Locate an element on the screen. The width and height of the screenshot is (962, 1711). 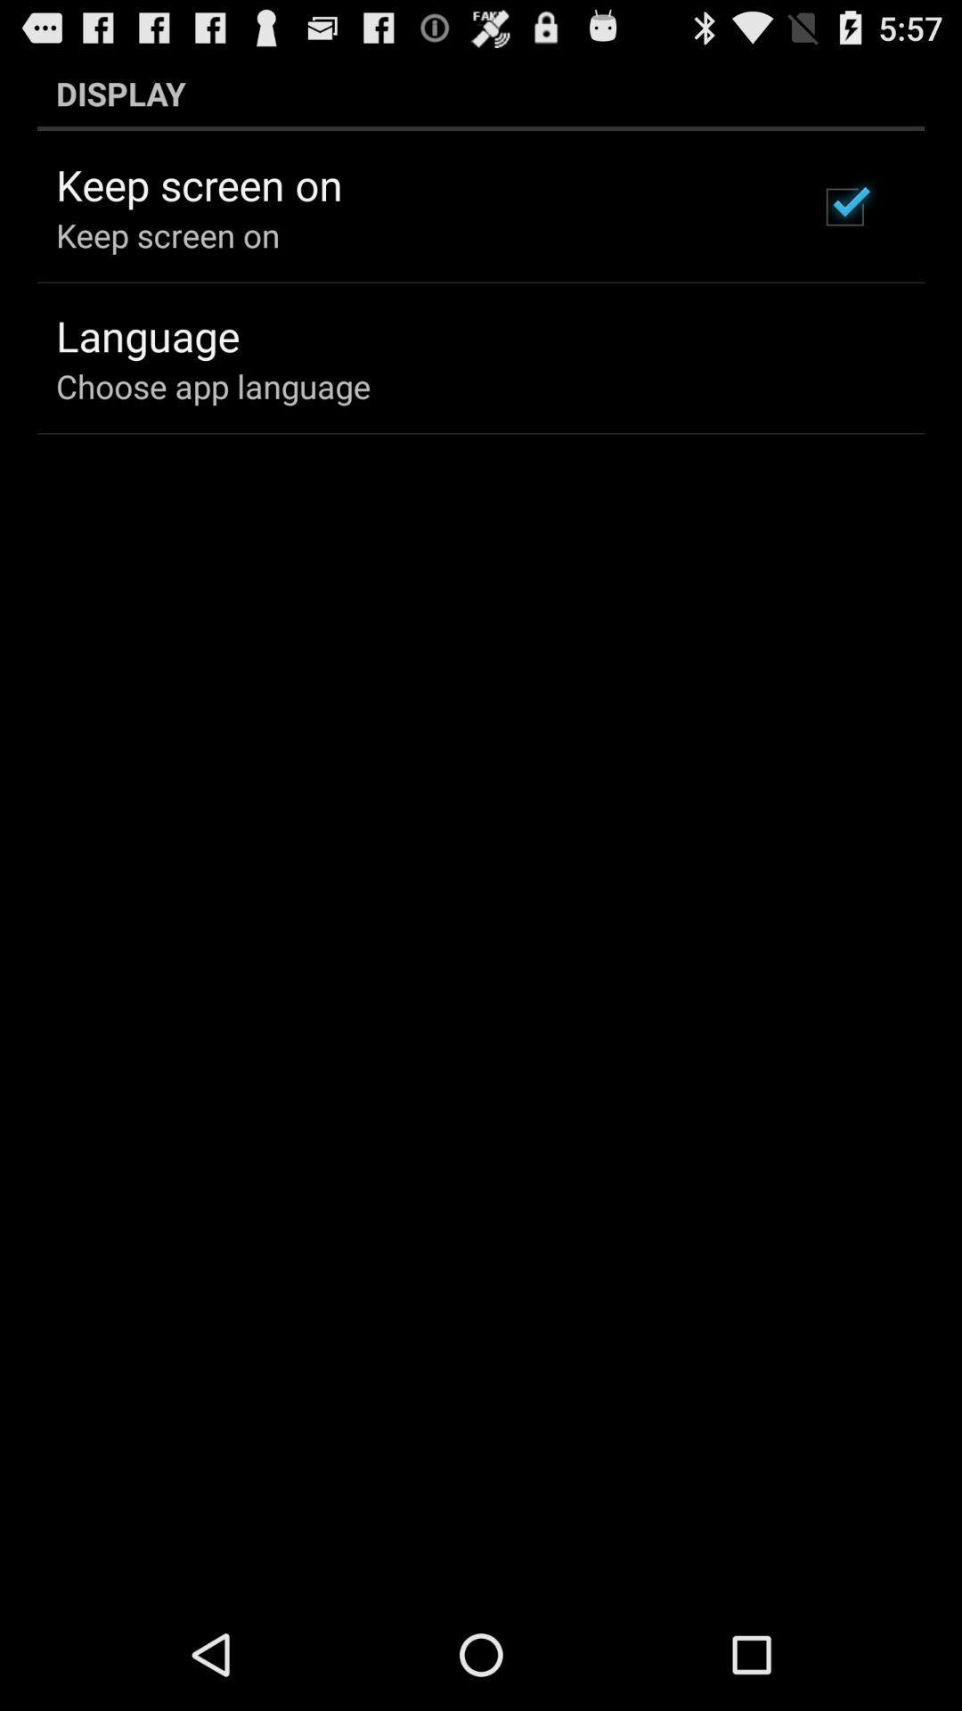
the app at the top is located at coordinates (481, 93).